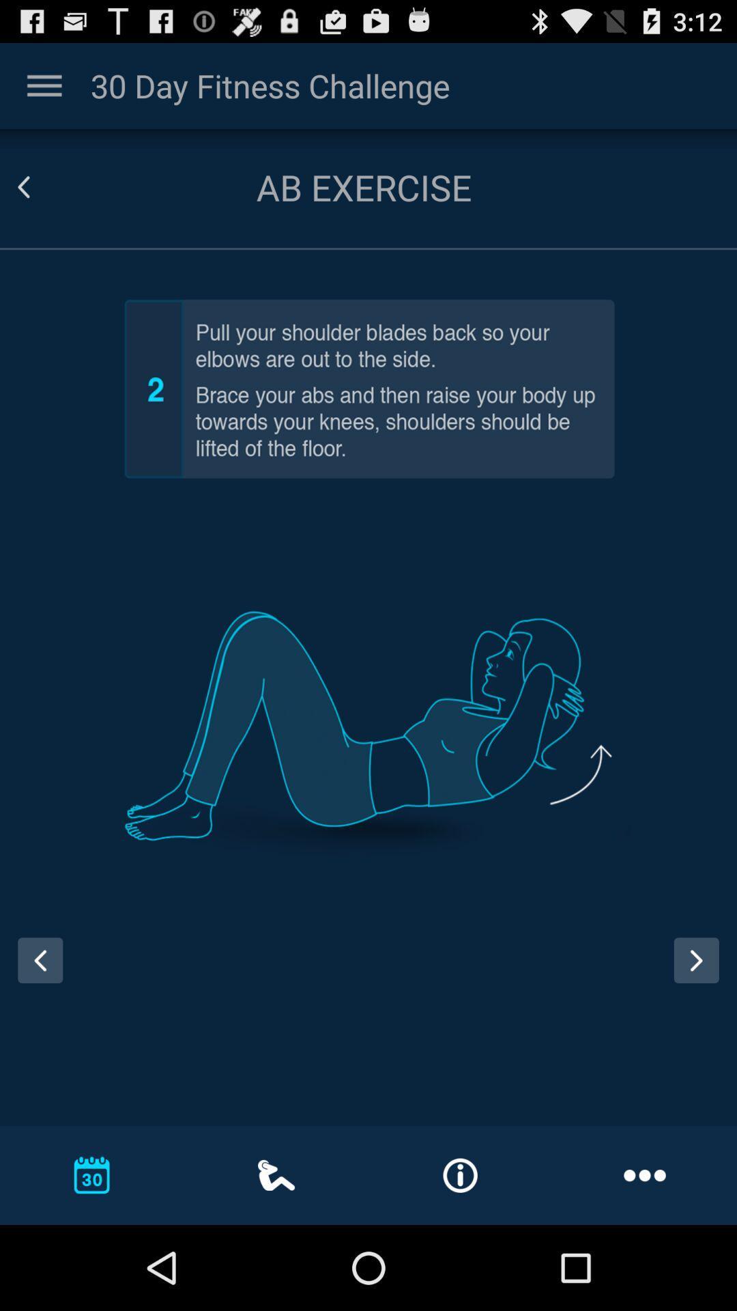 The image size is (737, 1311). I want to click on the next page, so click(701, 972).